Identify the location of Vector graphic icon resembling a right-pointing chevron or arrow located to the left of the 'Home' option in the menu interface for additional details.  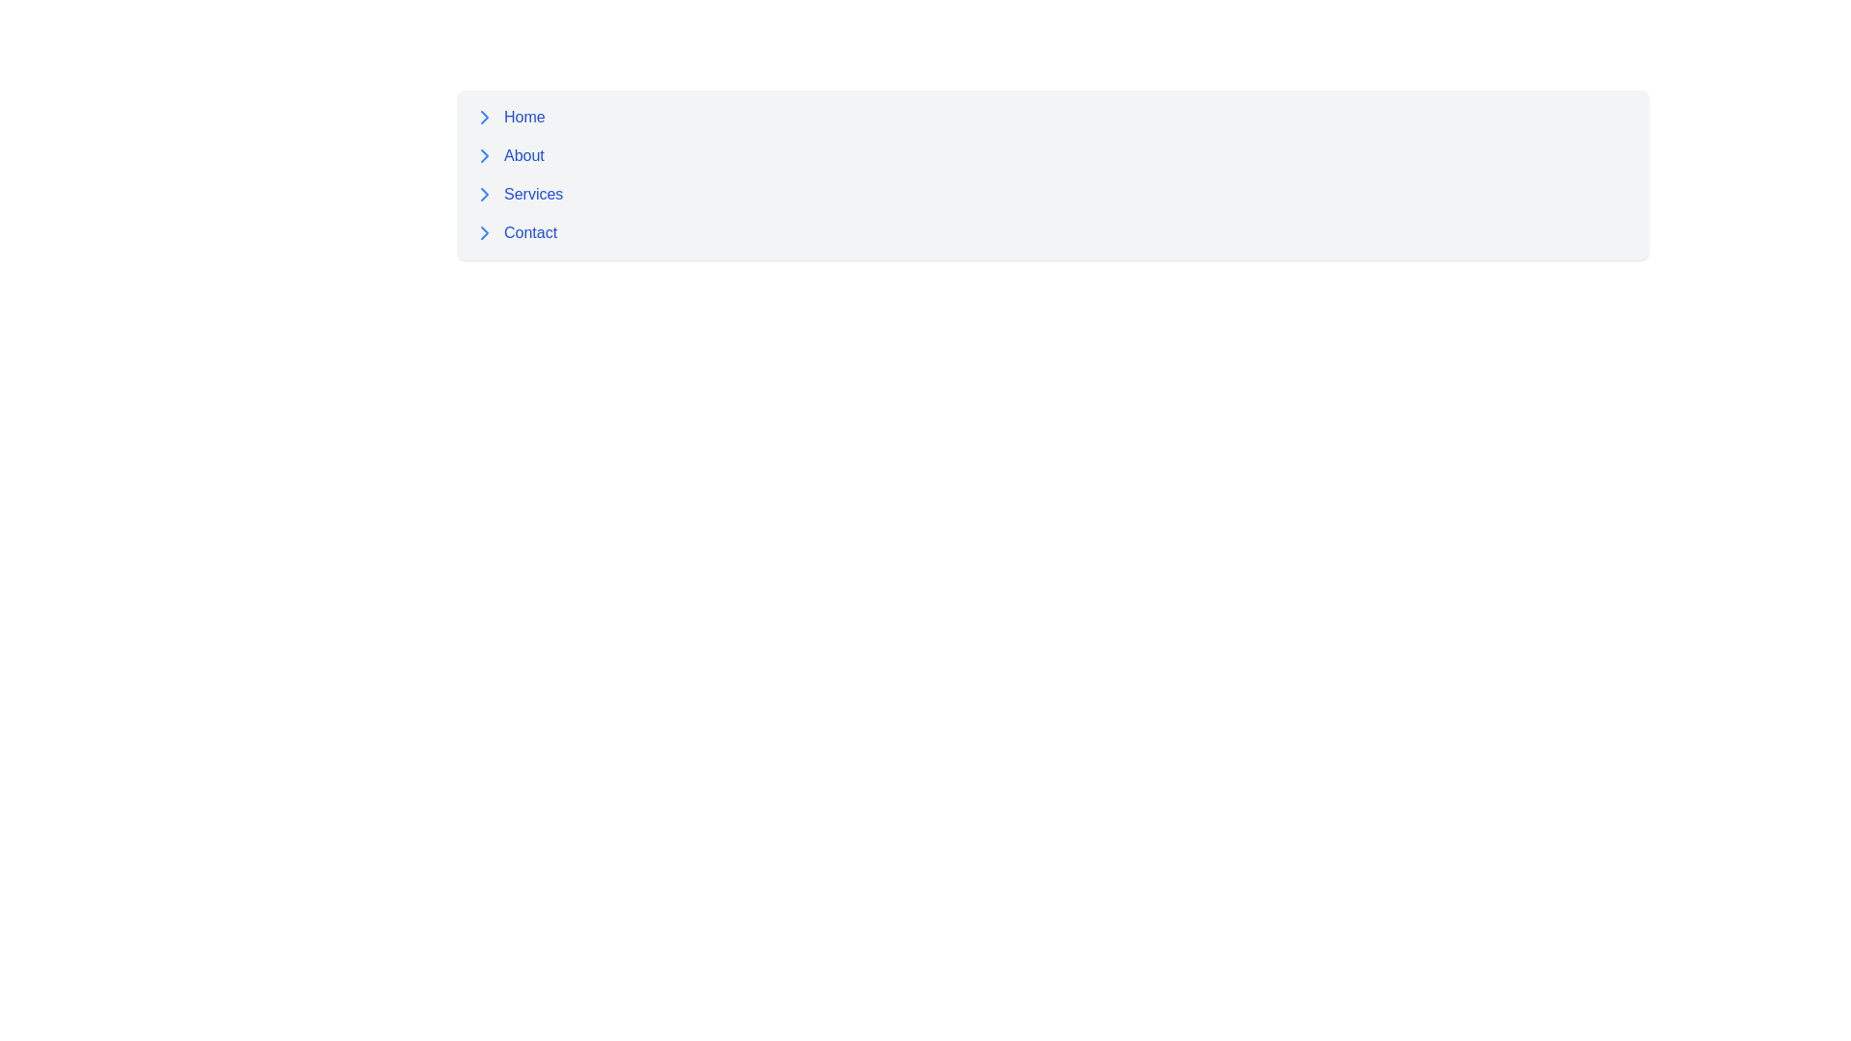
(485, 118).